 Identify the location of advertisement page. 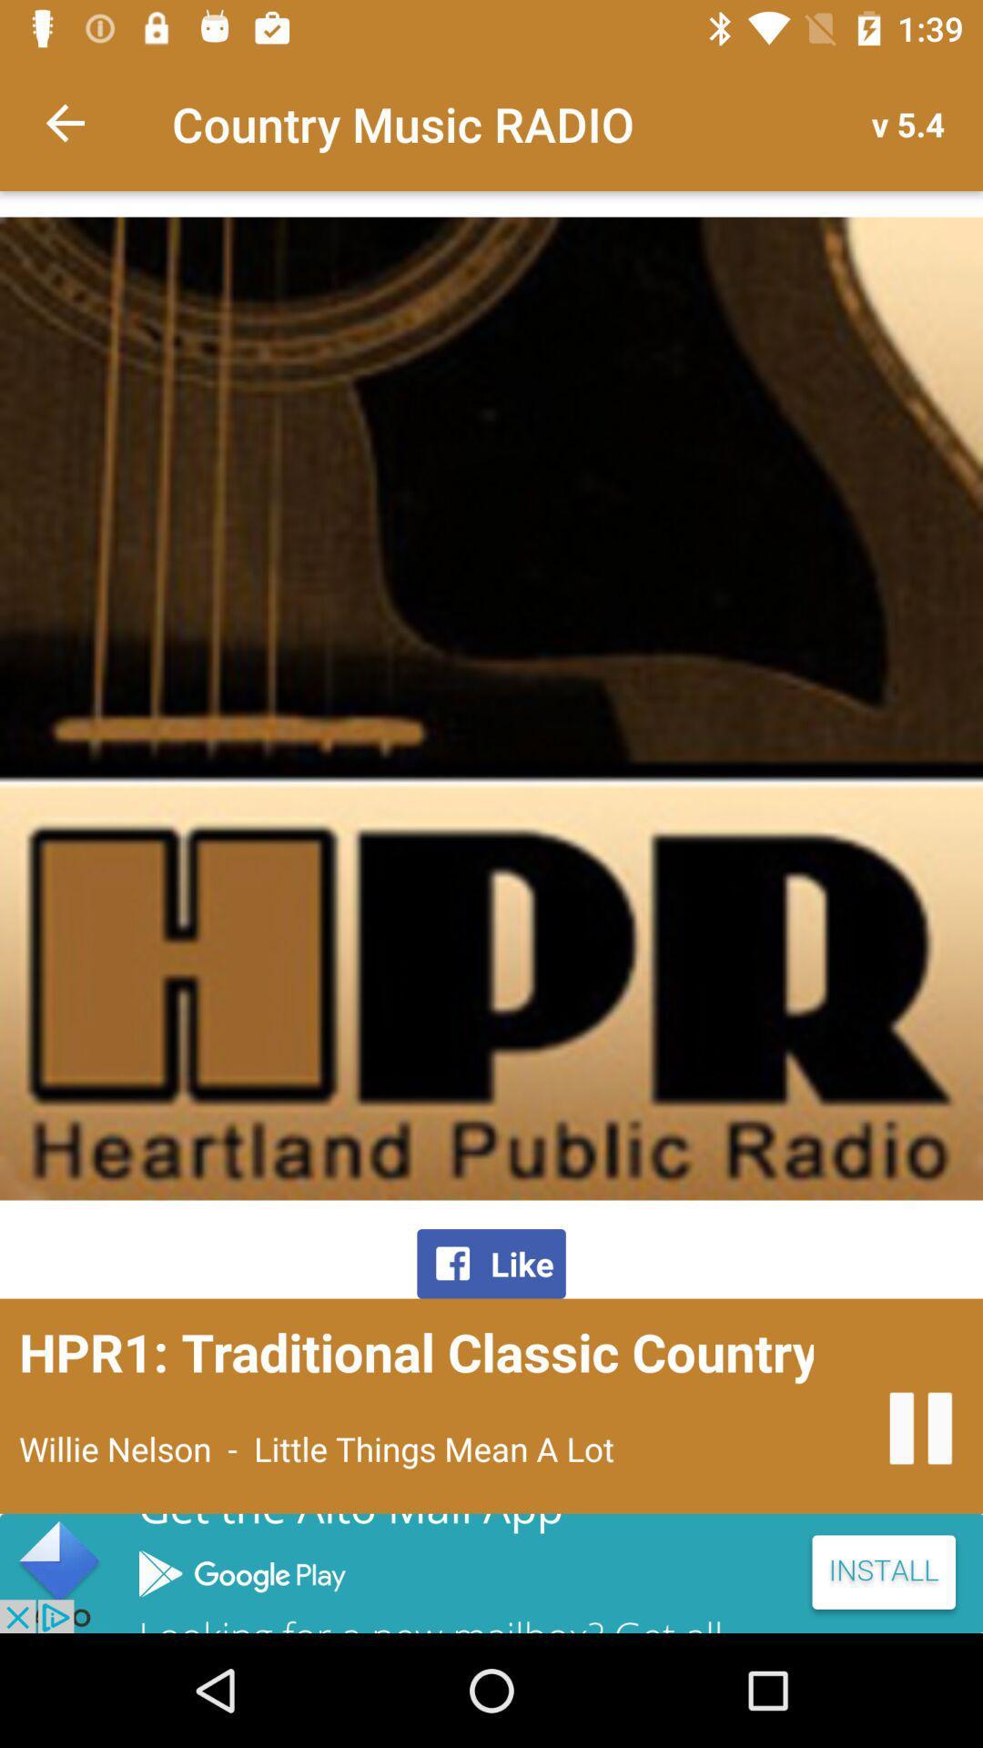
(491, 1572).